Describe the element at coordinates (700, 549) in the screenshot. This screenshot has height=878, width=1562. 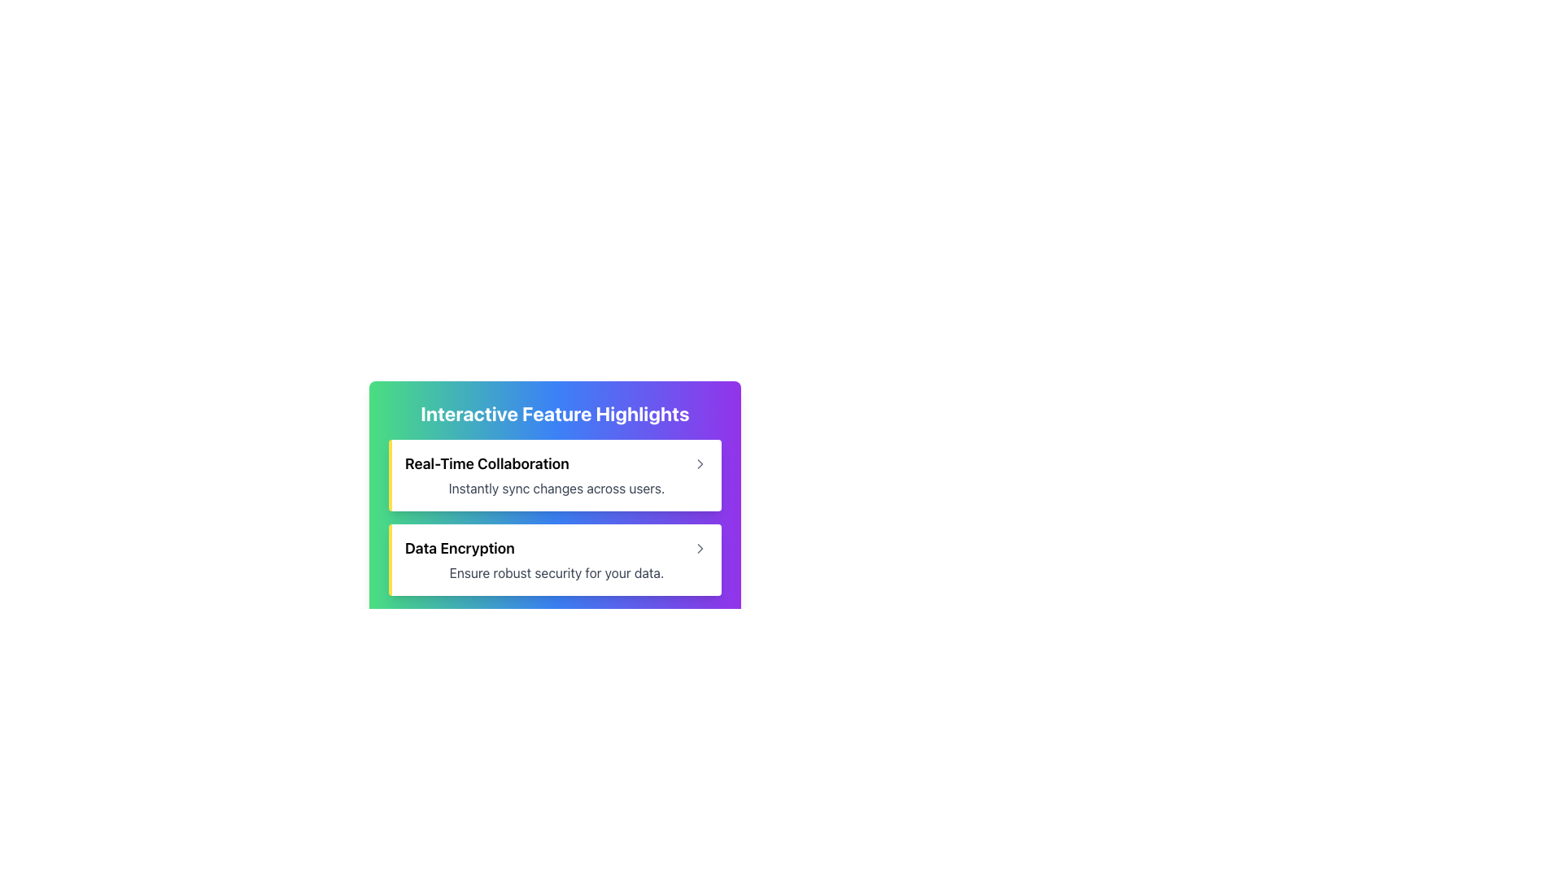
I see `the right-facing chevron icon, which is an outline-only design in gray, located at the far right of the 'Data Encryption' row under the 'Interactive Feature Highlights' section` at that location.